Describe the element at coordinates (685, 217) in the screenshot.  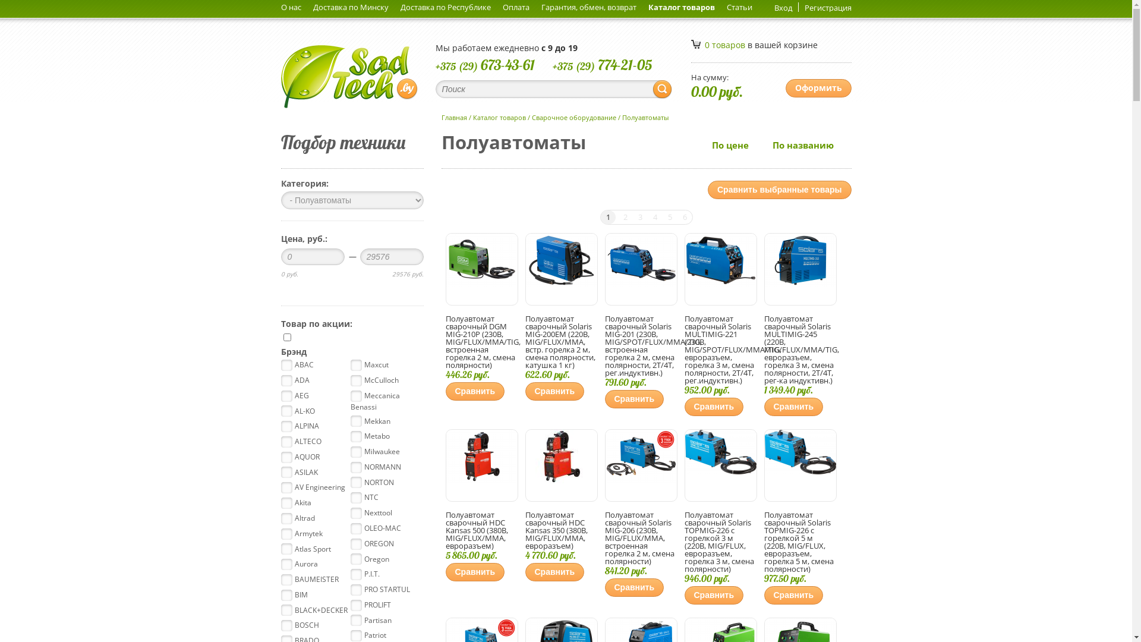
I see `'6'` at that location.